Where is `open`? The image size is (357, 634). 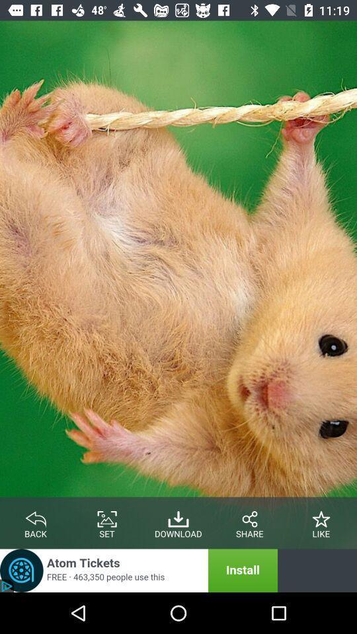
open is located at coordinates (138, 570).